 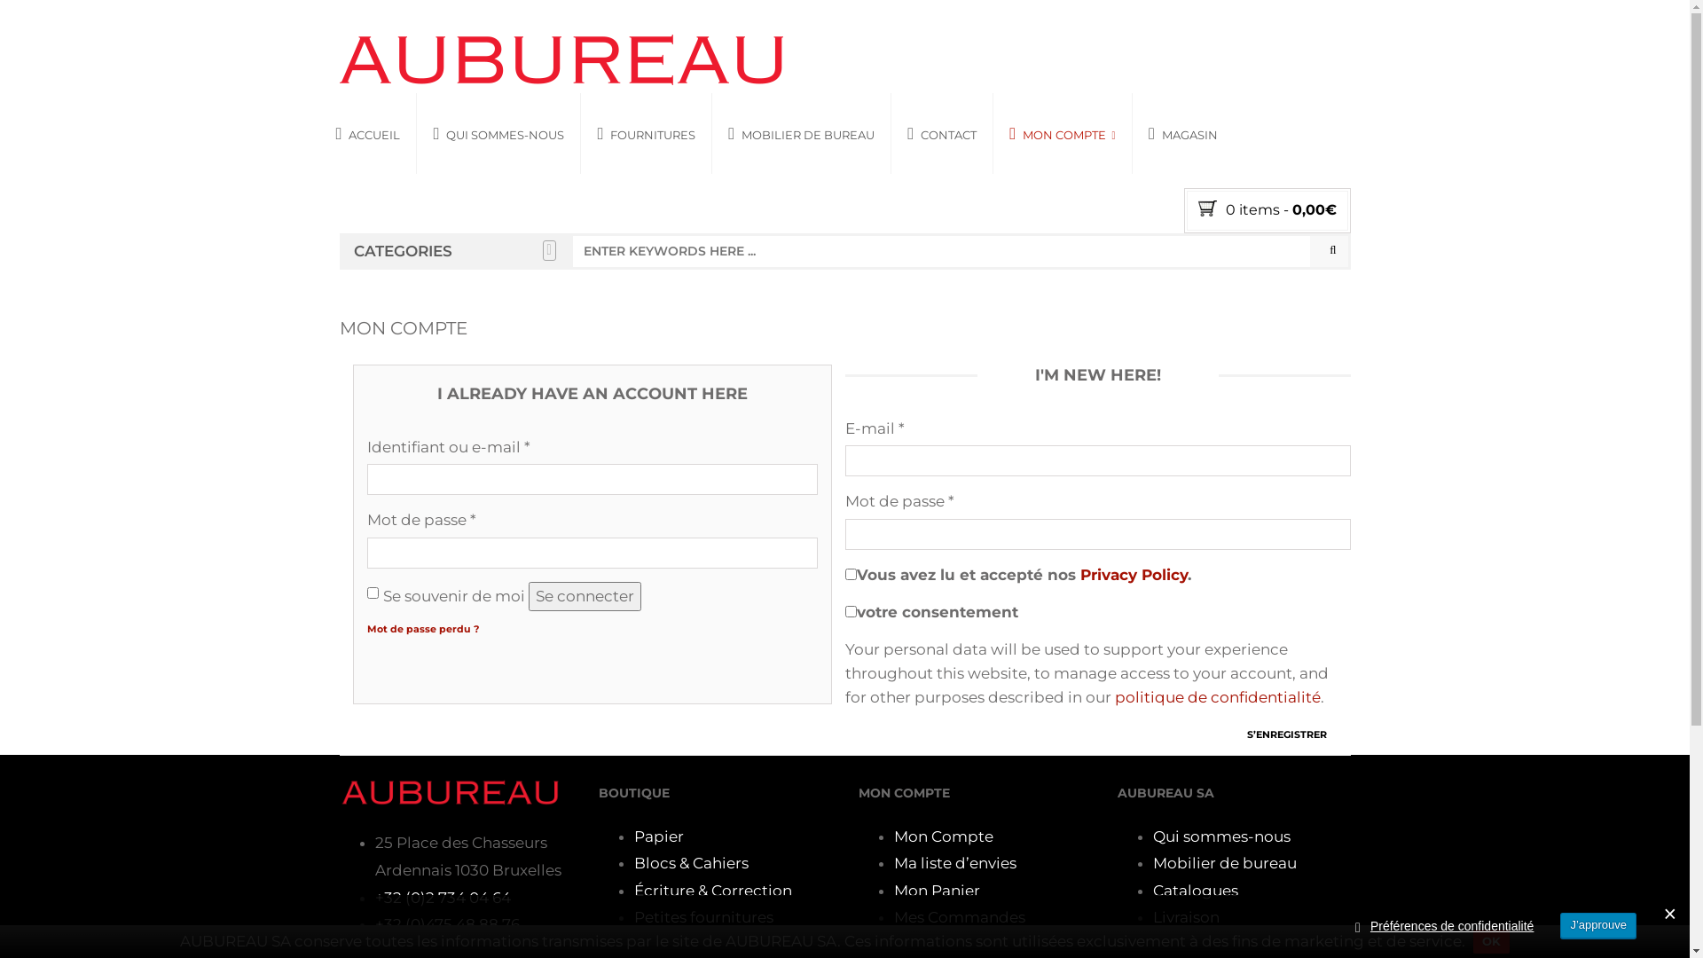 I want to click on 'ACCUEIL', so click(x=374, y=132).